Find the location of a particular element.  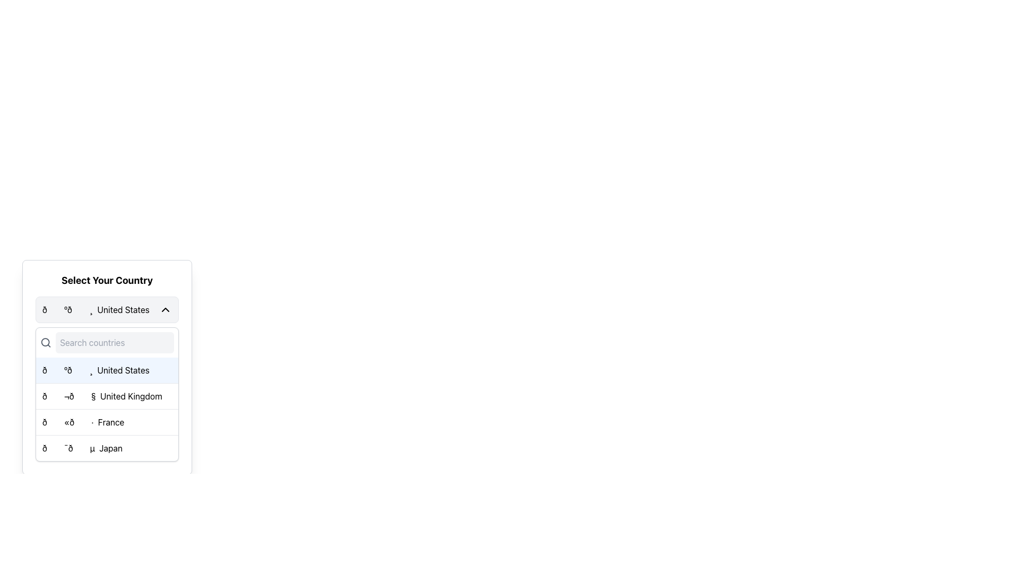

the dropdown toggle icon located to the right of the 'United States' text is located at coordinates (165, 309).